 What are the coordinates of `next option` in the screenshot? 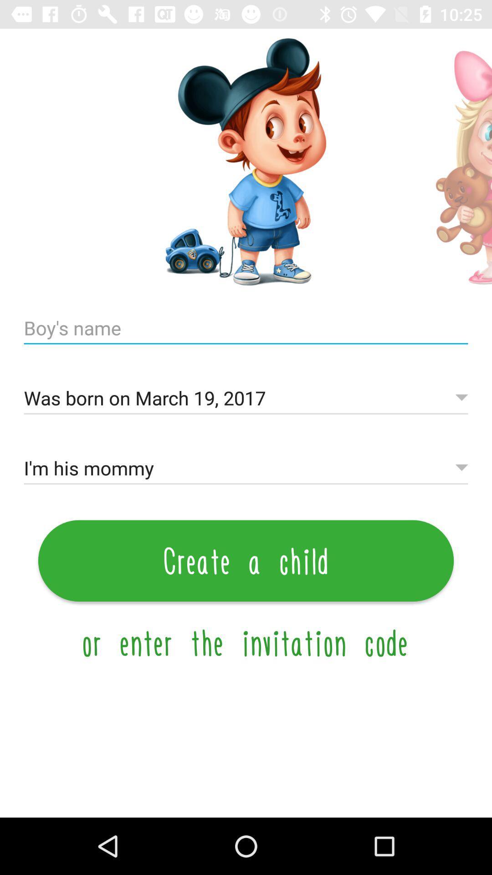 It's located at (455, 162).